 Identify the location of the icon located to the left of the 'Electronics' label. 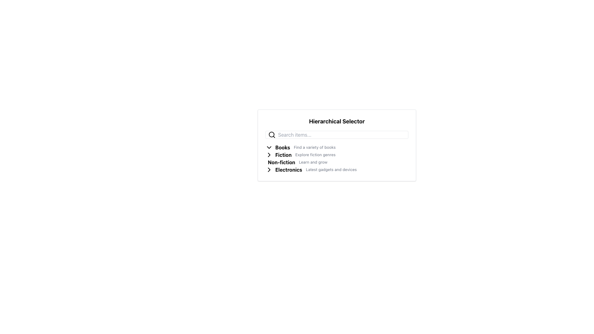
(270, 169).